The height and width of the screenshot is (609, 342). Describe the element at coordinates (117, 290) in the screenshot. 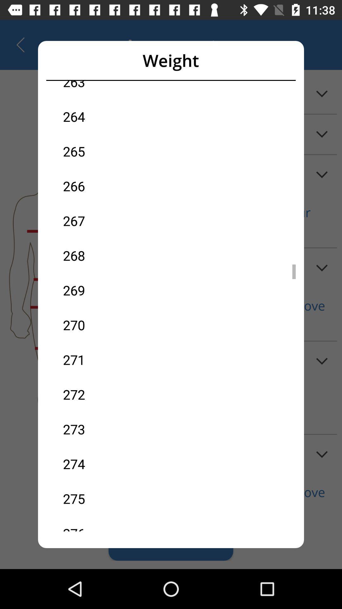

I see `the 269` at that location.